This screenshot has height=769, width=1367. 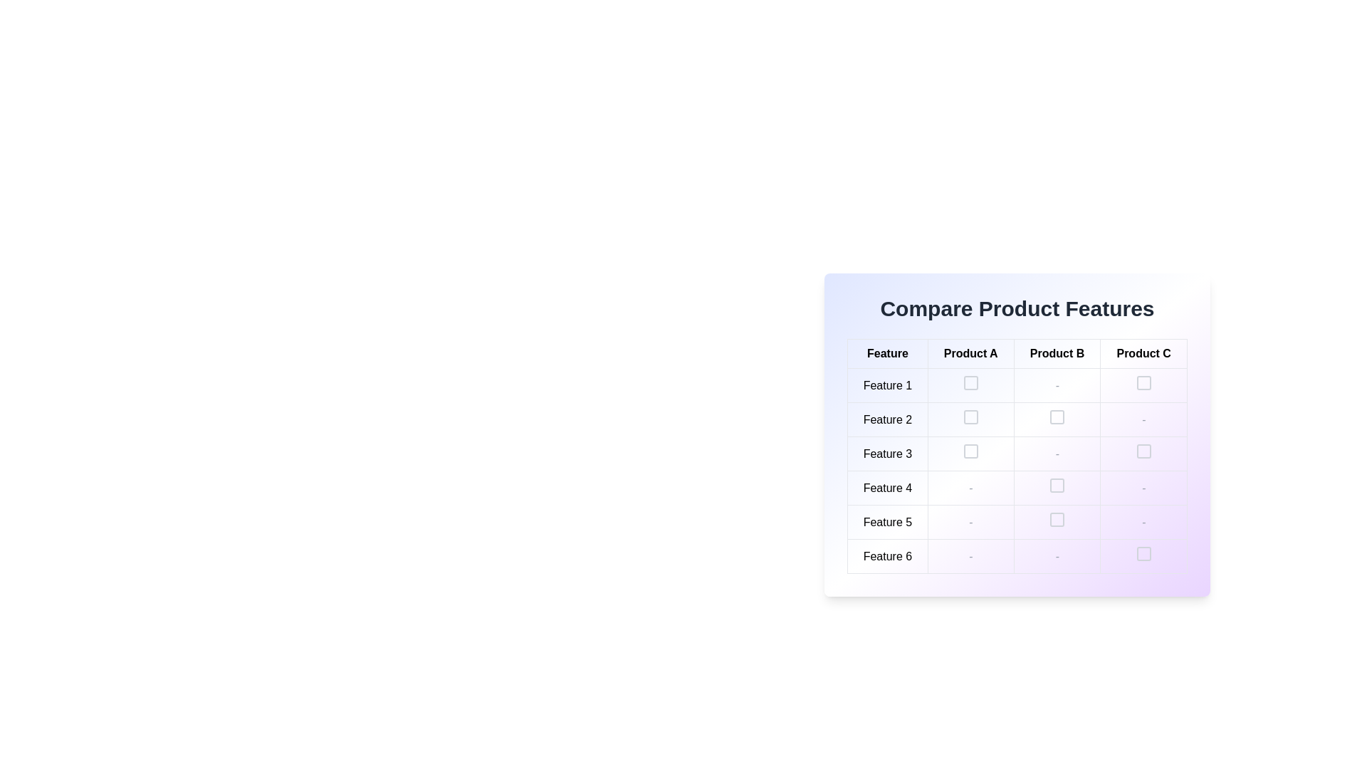 What do you see at coordinates (970, 419) in the screenshot?
I see `the checkbox located in the second row and second column of the table under the 'Product A' column` at bounding box center [970, 419].